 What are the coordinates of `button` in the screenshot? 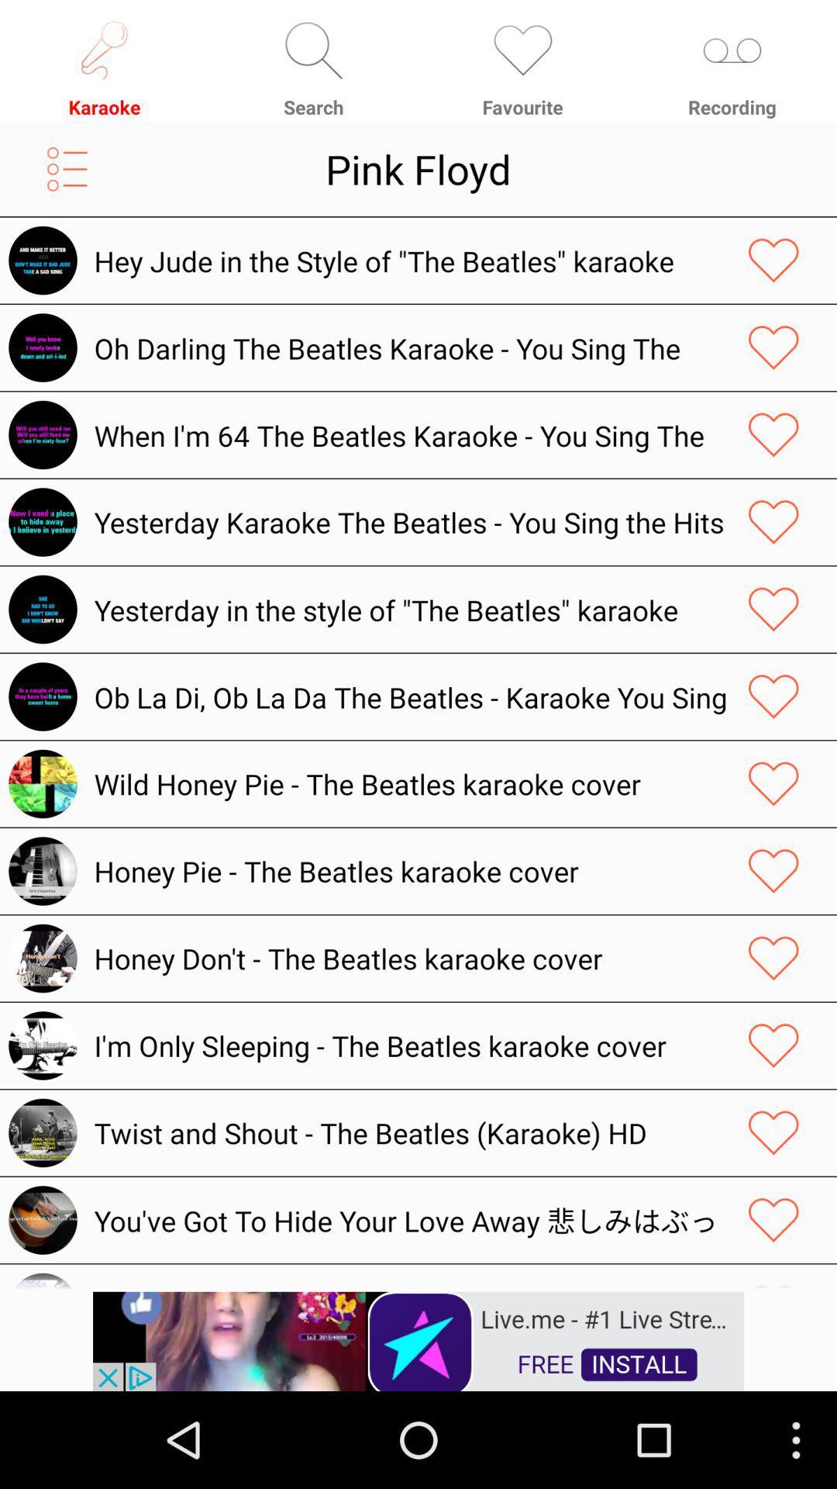 It's located at (773, 347).